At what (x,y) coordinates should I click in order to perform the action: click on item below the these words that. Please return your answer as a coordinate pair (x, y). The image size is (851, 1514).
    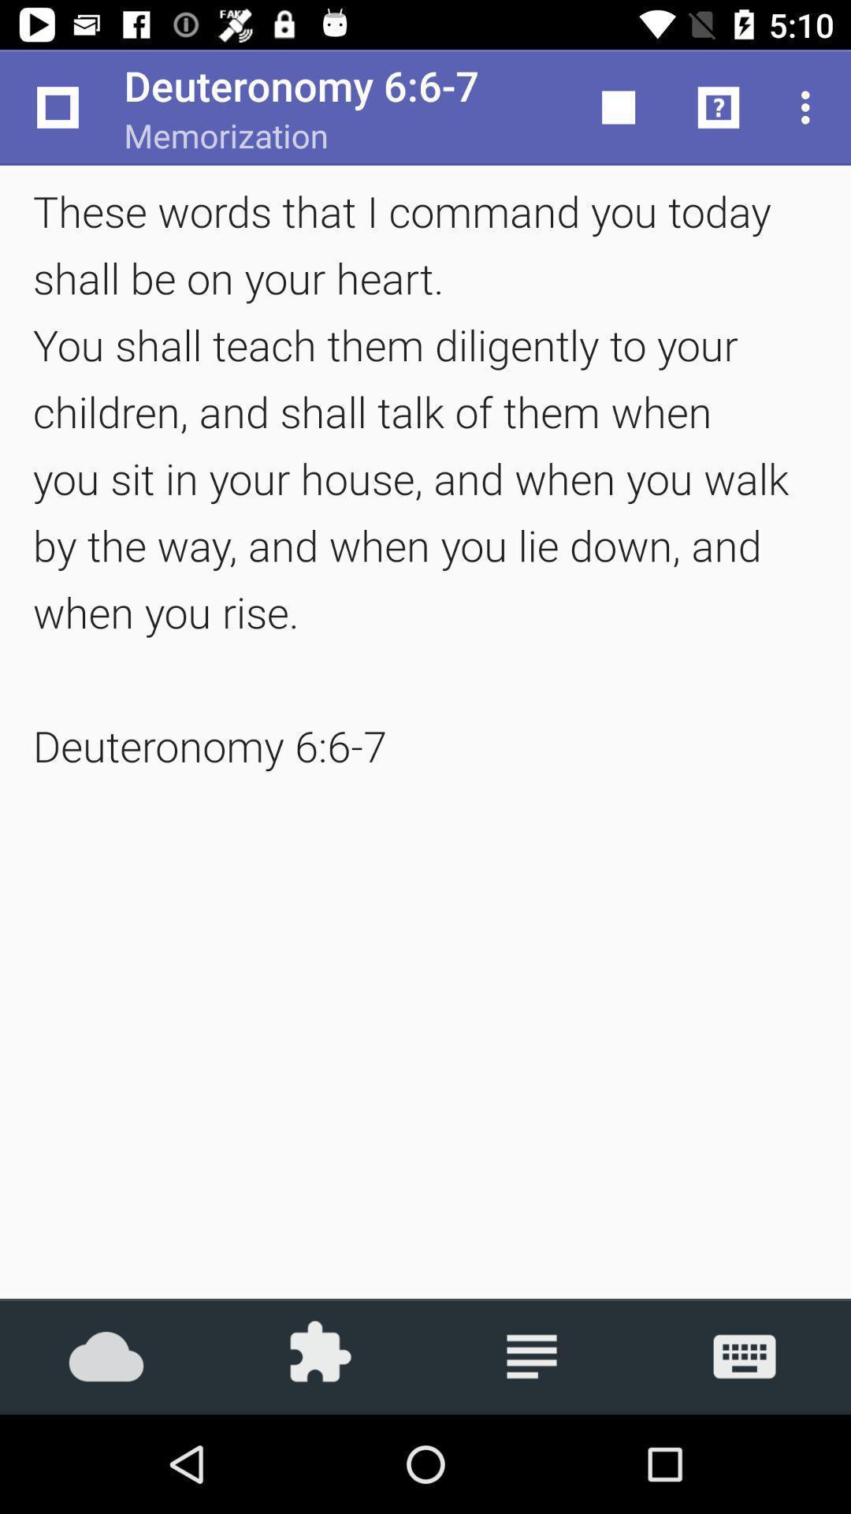
    Looking at the image, I should click on (106, 1356).